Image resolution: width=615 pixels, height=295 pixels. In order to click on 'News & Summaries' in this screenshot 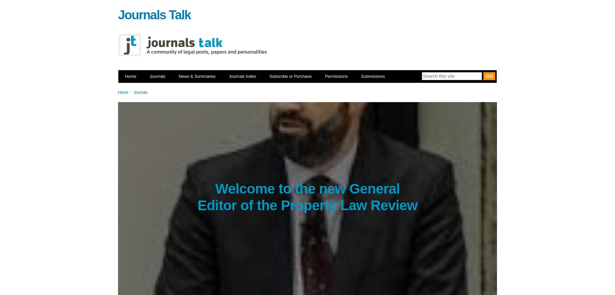, I will do `click(179, 76)`.